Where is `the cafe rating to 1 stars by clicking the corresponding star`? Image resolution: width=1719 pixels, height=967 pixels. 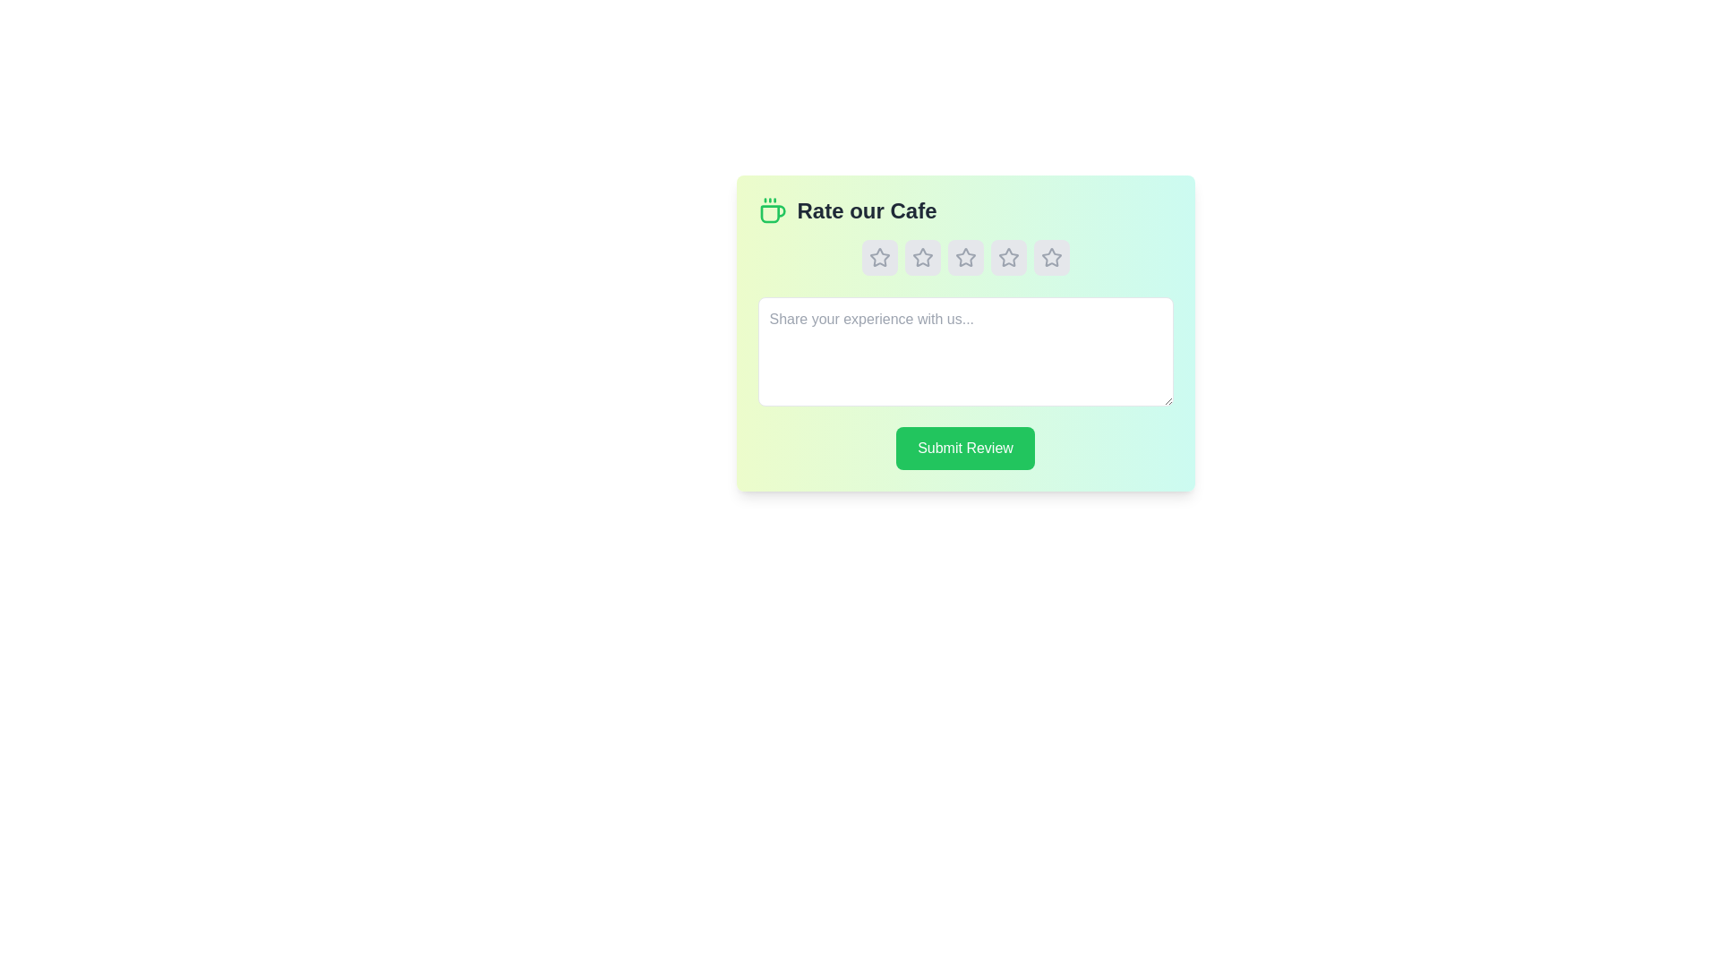 the cafe rating to 1 stars by clicking the corresponding star is located at coordinates (879, 258).